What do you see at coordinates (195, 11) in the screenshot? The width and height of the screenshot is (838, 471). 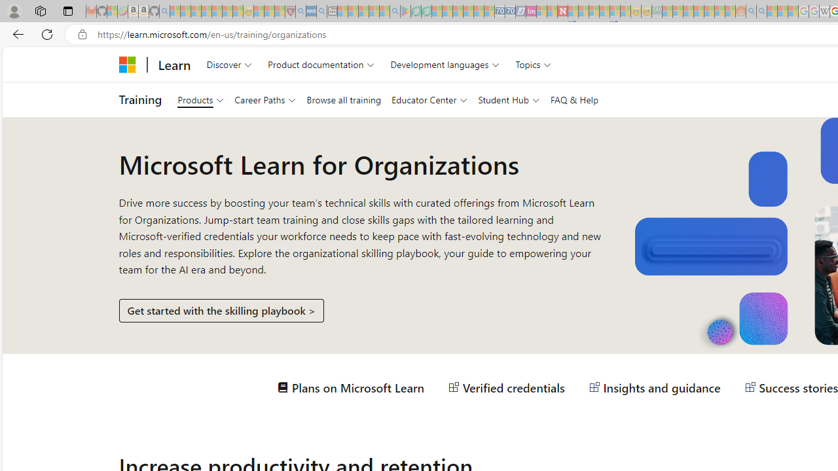 I see `'The Weather Channel - MSN - Sleeping'` at bounding box center [195, 11].